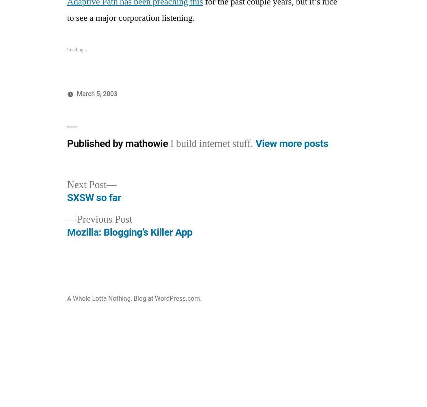 The height and width of the screenshot is (407, 427). Describe the element at coordinates (167, 298) in the screenshot. I see `'Blog at WordPress.com.'` at that location.